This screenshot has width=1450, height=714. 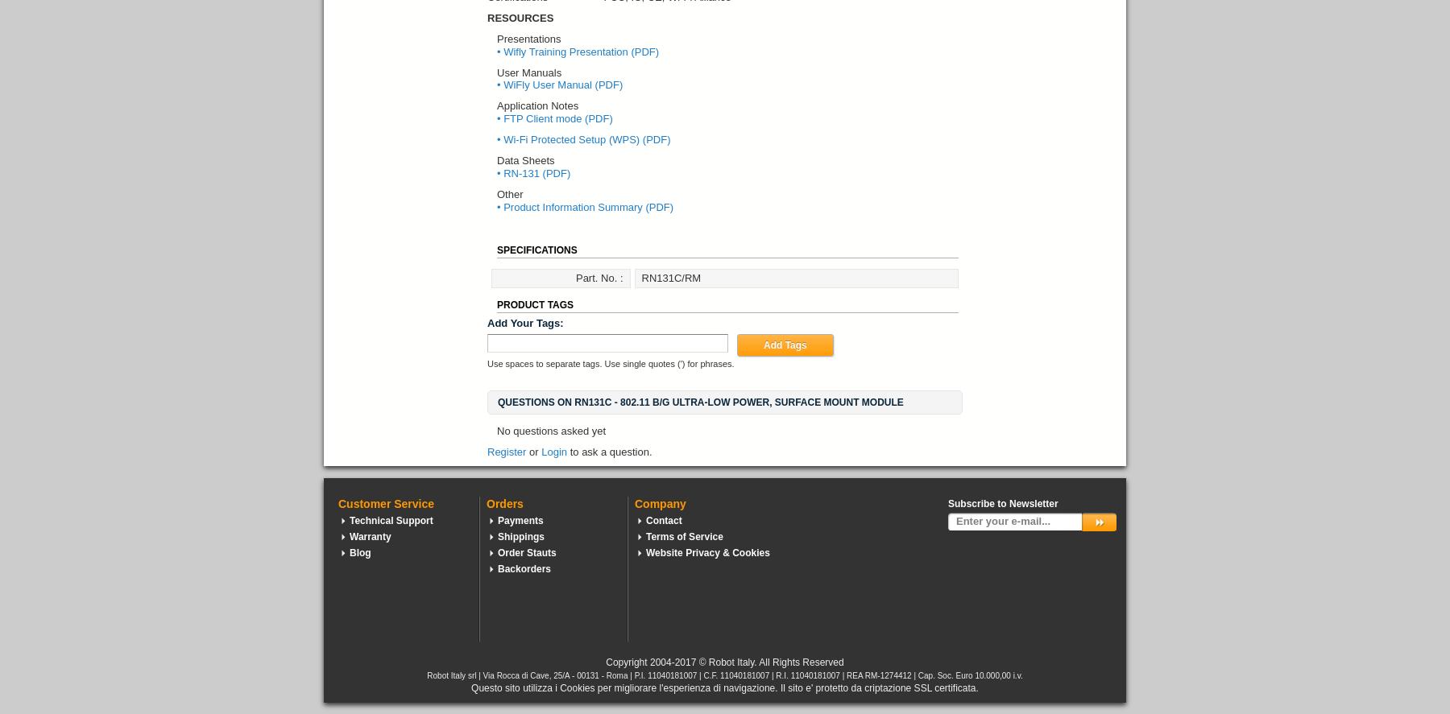 I want to click on 'Shippings', so click(x=520, y=536).